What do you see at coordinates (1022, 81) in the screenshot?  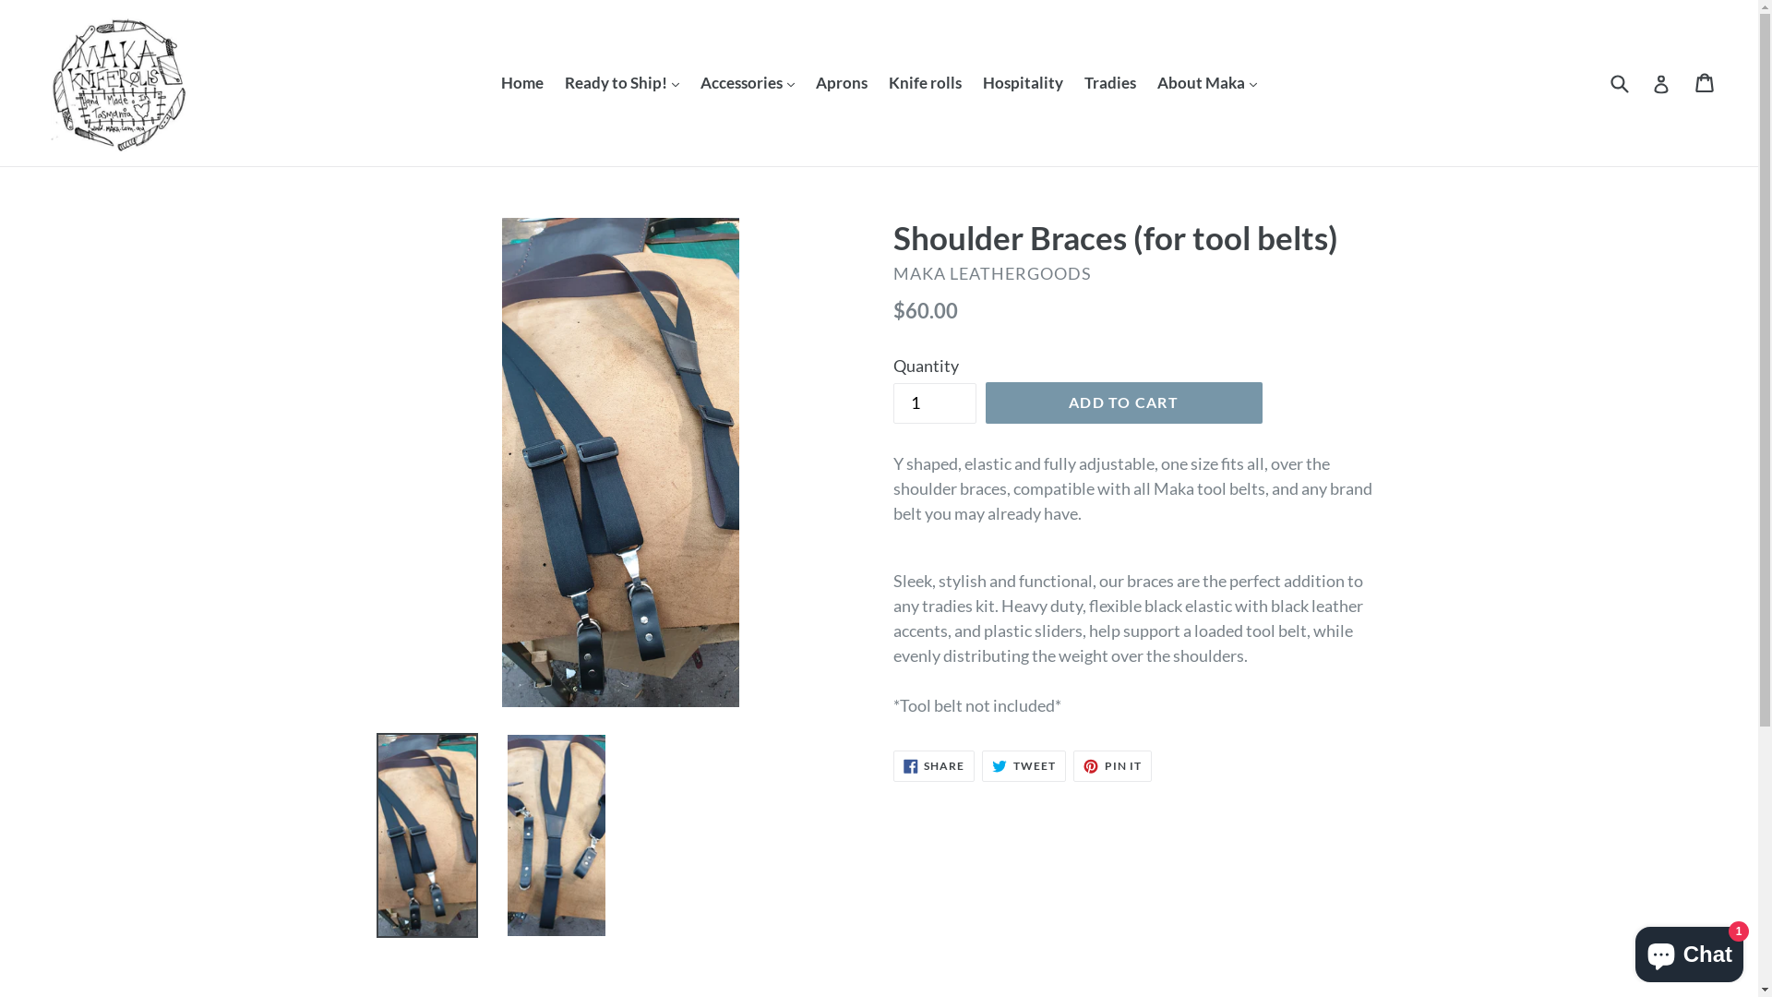 I see `'Hospitality'` at bounding box center [1022, 81].